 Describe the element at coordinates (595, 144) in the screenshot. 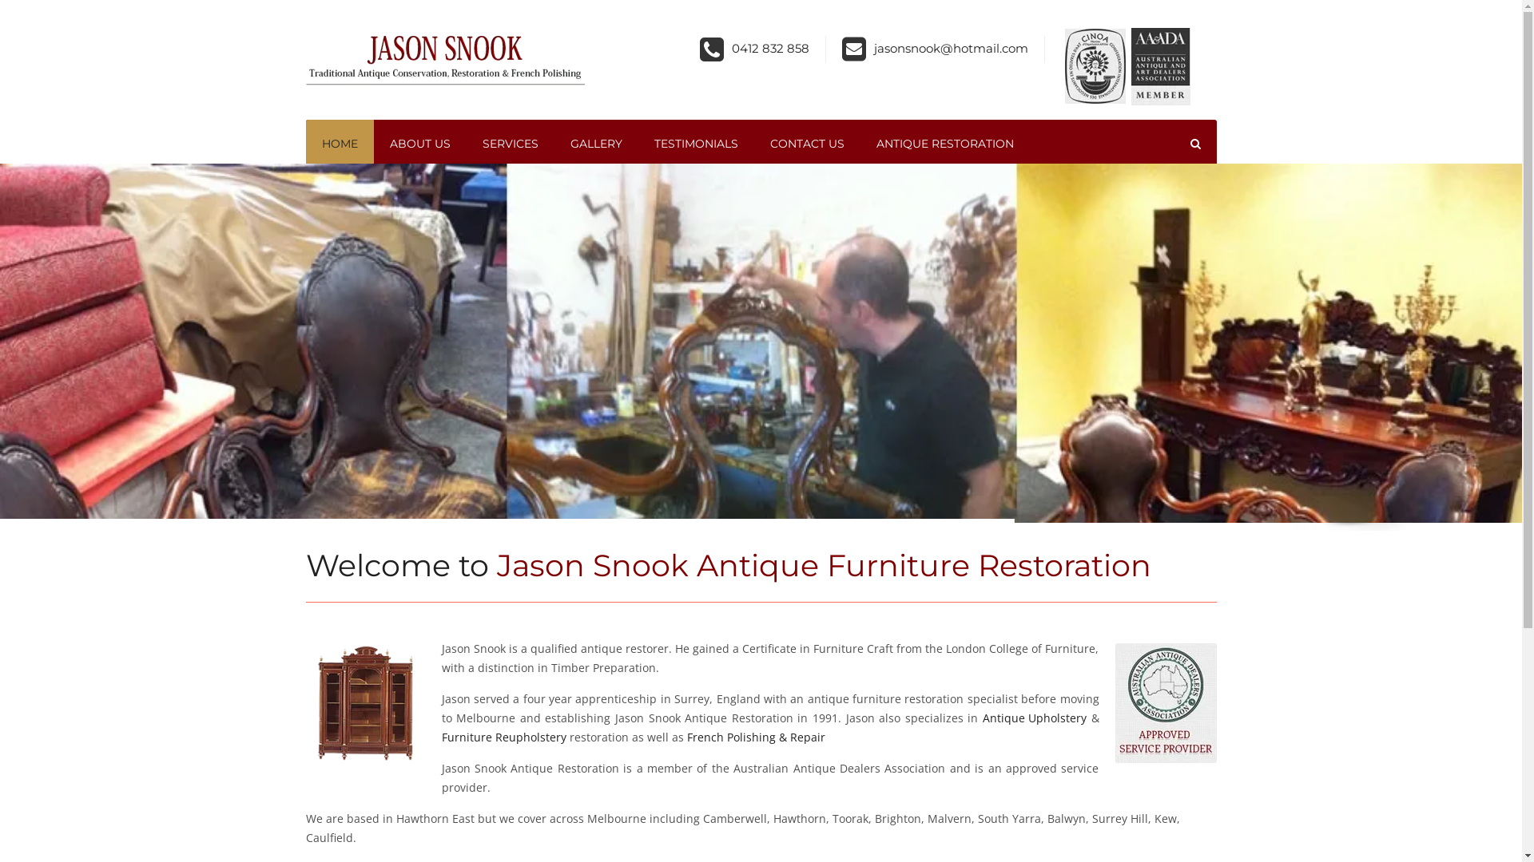

I see `'GALLERY'` at that location.